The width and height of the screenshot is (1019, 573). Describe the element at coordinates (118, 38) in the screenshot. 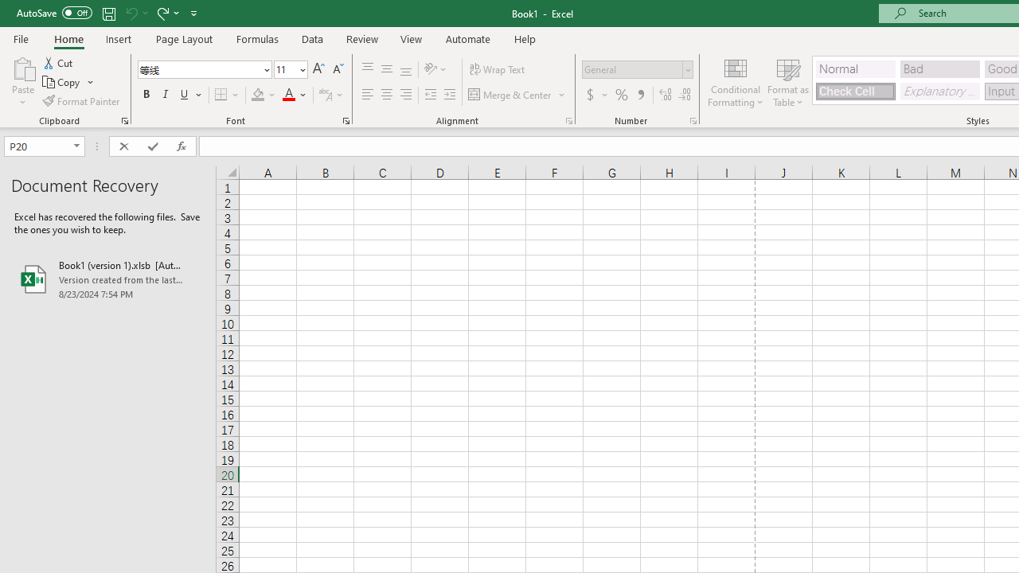

I see `'Insert'` at that location.